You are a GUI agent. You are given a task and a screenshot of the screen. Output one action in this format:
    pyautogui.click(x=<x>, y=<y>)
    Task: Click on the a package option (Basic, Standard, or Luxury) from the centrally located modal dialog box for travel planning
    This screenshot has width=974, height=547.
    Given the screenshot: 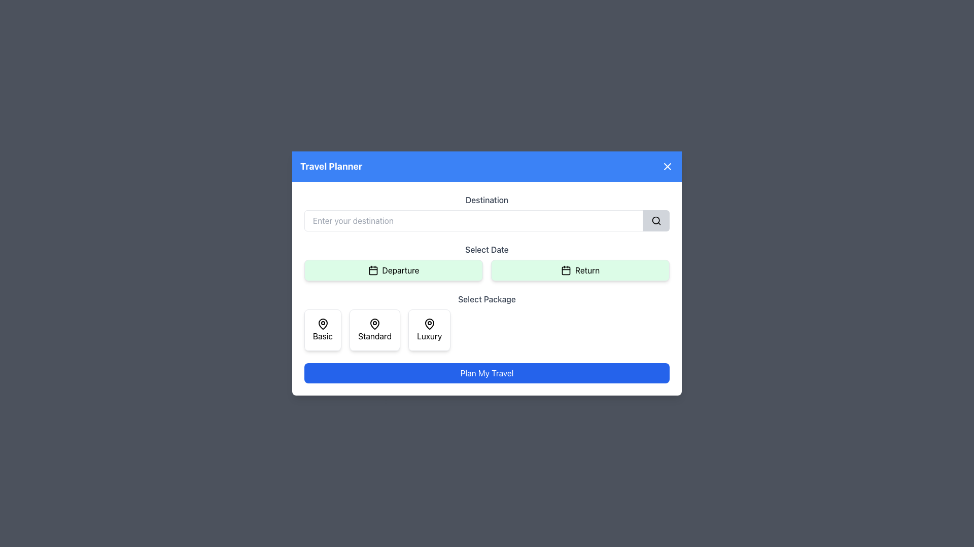 What is the action you would take?
    pyautogui.click(x=487, y=273)
    